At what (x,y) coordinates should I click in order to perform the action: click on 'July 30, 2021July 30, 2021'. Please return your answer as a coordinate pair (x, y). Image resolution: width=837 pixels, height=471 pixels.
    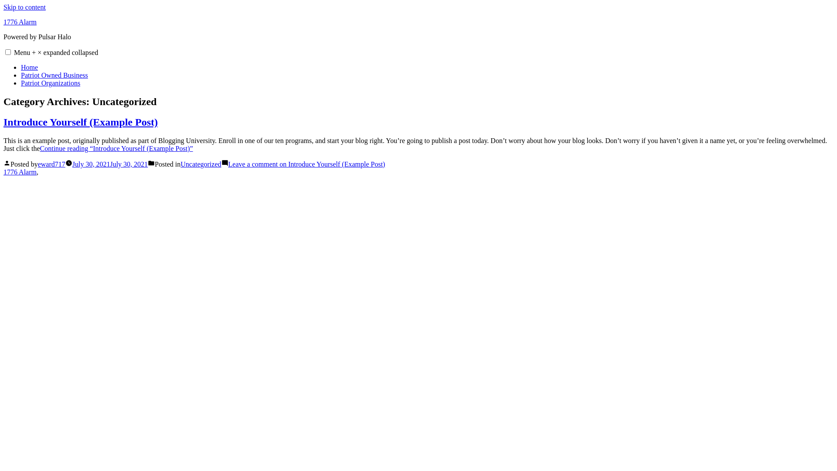
    Looking at the image, I should click on (109, 164).